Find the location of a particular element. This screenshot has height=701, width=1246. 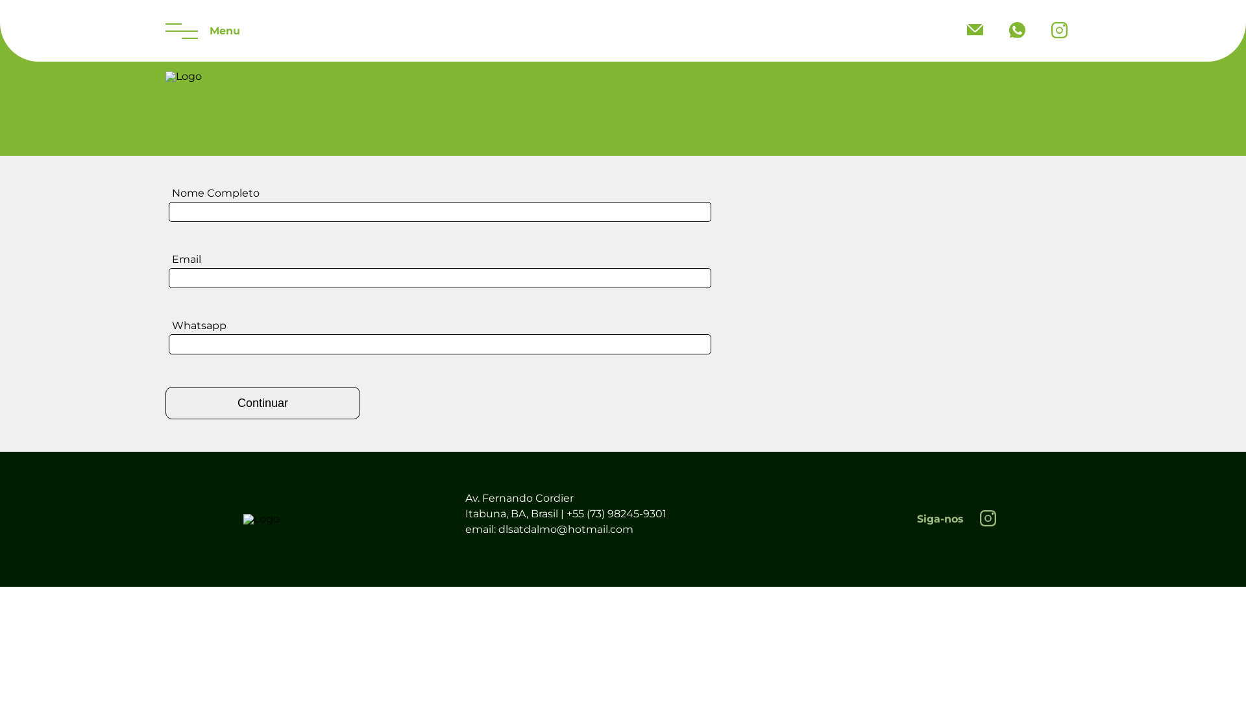

'dlsatdalmo@hotmail.com' is located at coordinates (953, 29).